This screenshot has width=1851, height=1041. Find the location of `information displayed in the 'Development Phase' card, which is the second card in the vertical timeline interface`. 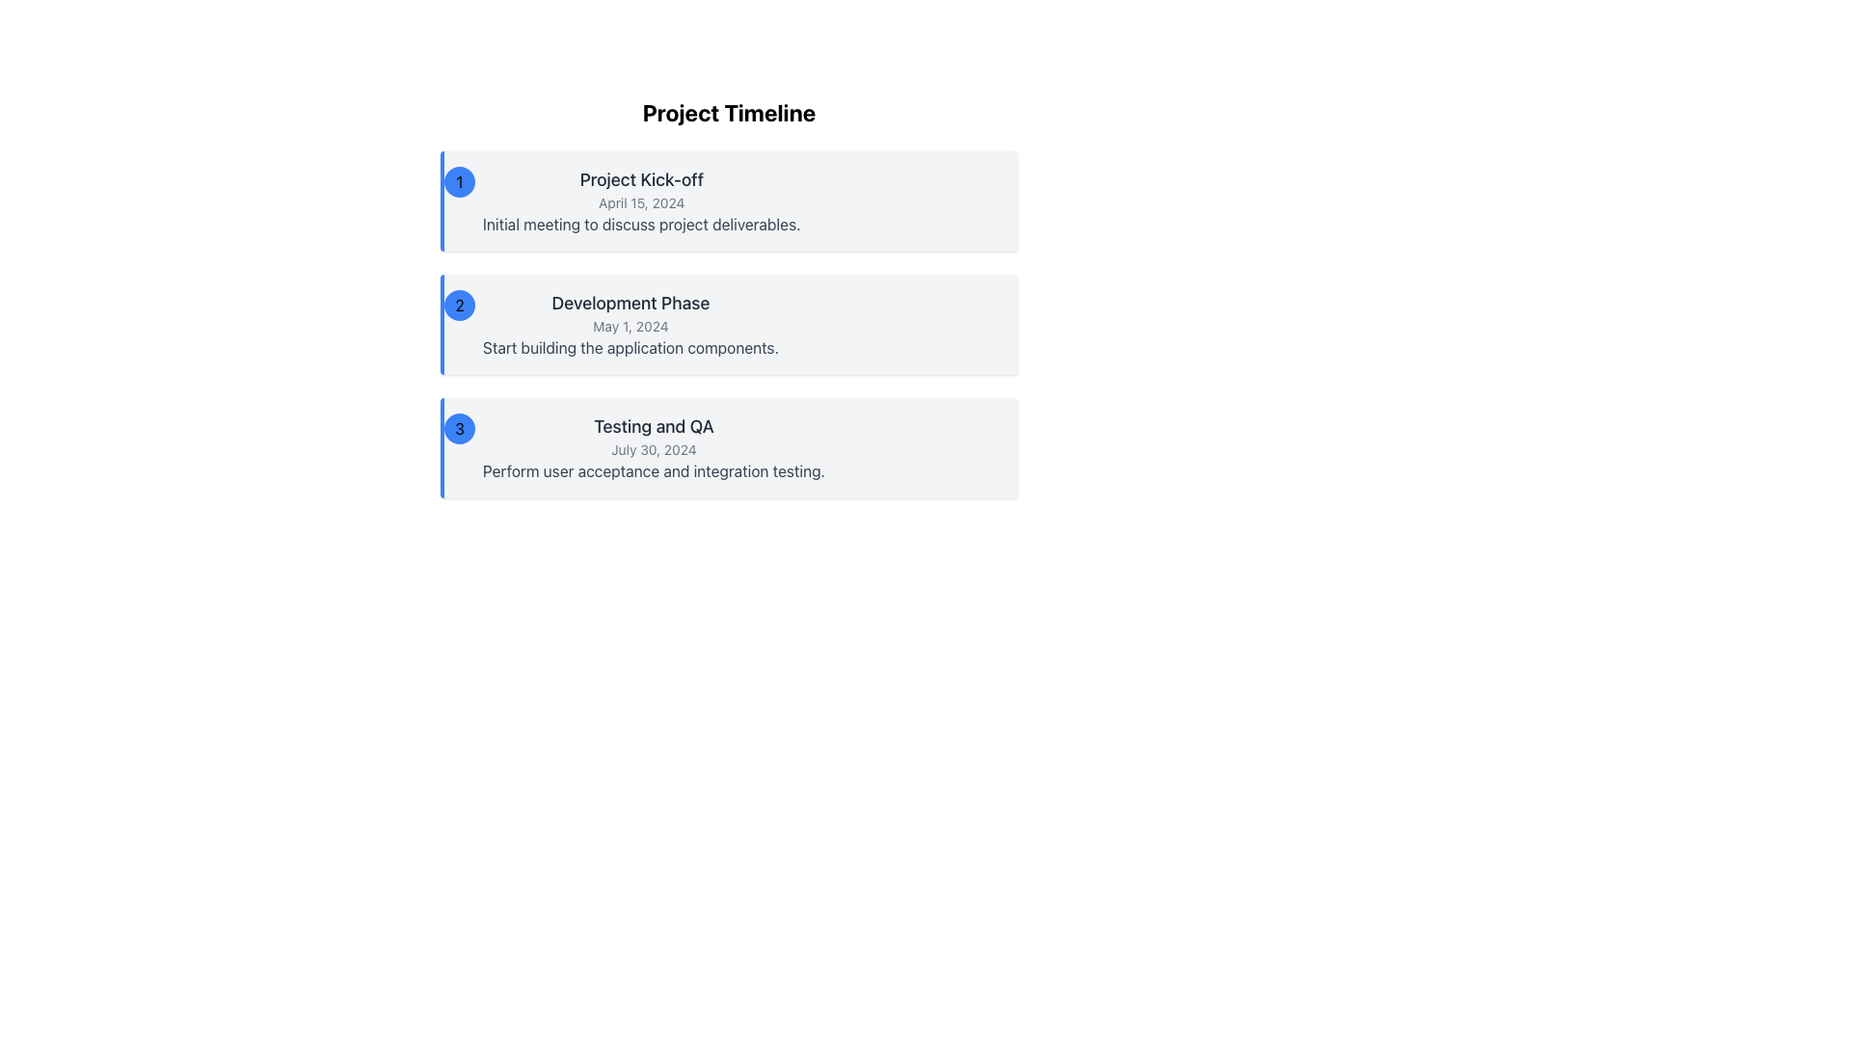

information displayed in the 'Development Phase' card, which is the second card in the vertical timeline interface is located at coordinates (728, 297).